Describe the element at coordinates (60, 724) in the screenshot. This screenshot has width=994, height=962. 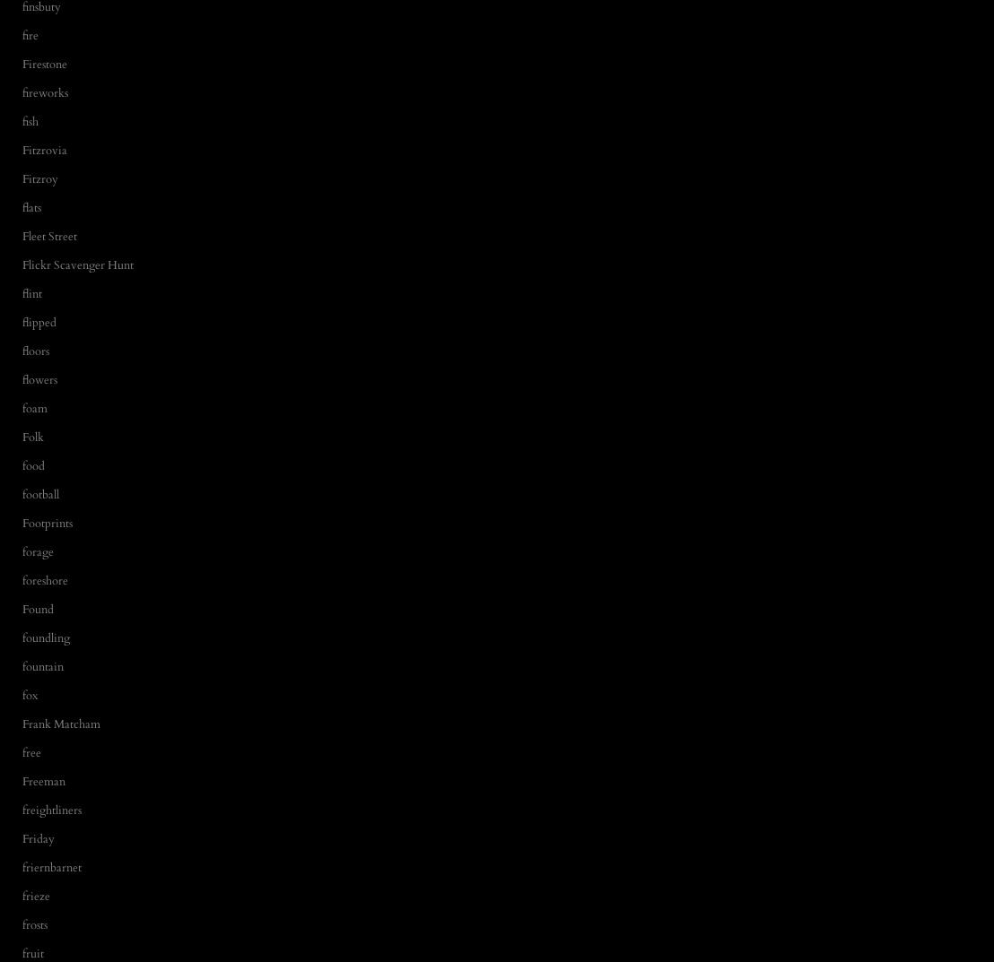
I see `'Frank Matcham'` at that location.